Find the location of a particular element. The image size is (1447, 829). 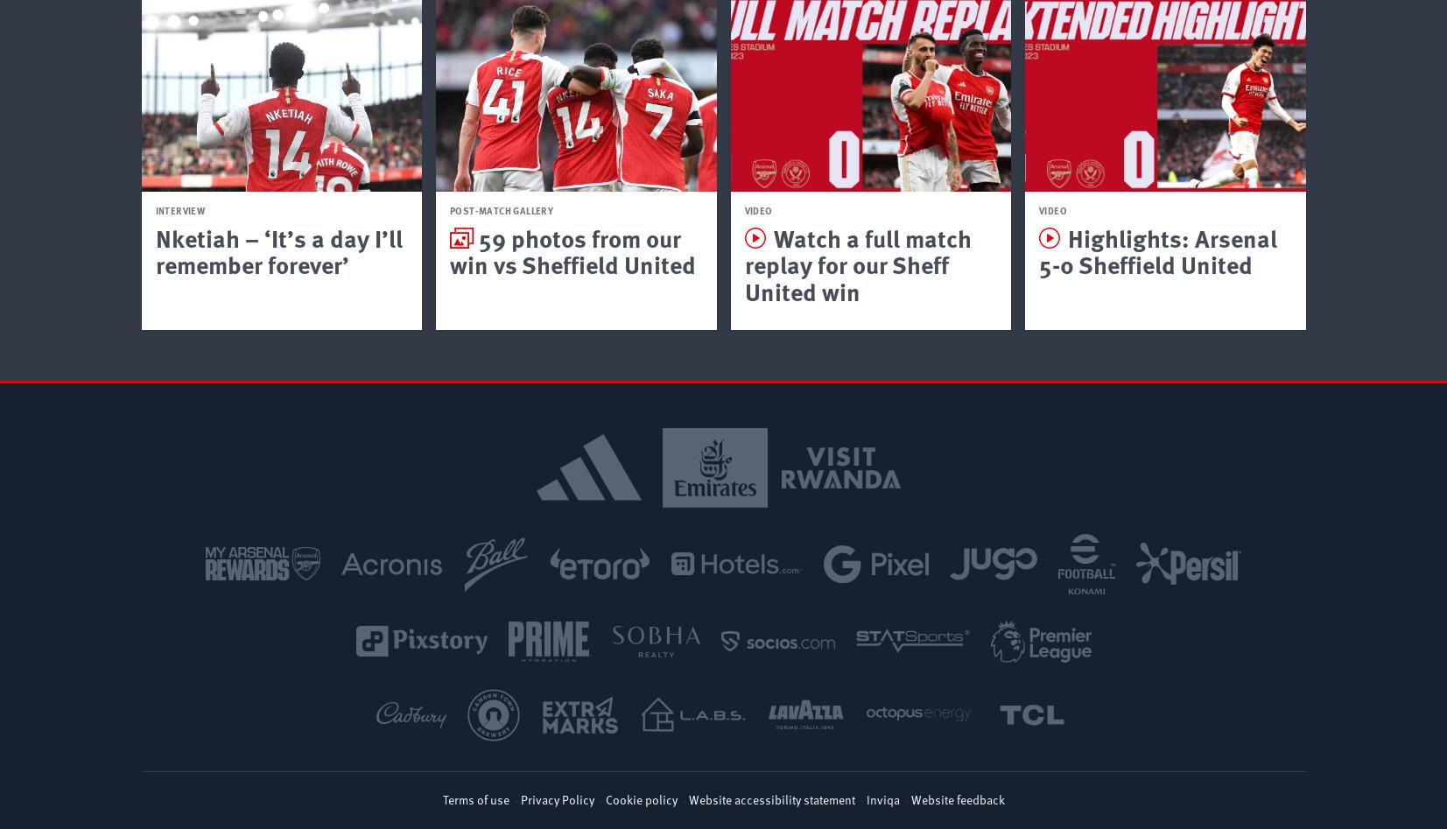

'Cookie policy' is located at coordinates (639, 797).